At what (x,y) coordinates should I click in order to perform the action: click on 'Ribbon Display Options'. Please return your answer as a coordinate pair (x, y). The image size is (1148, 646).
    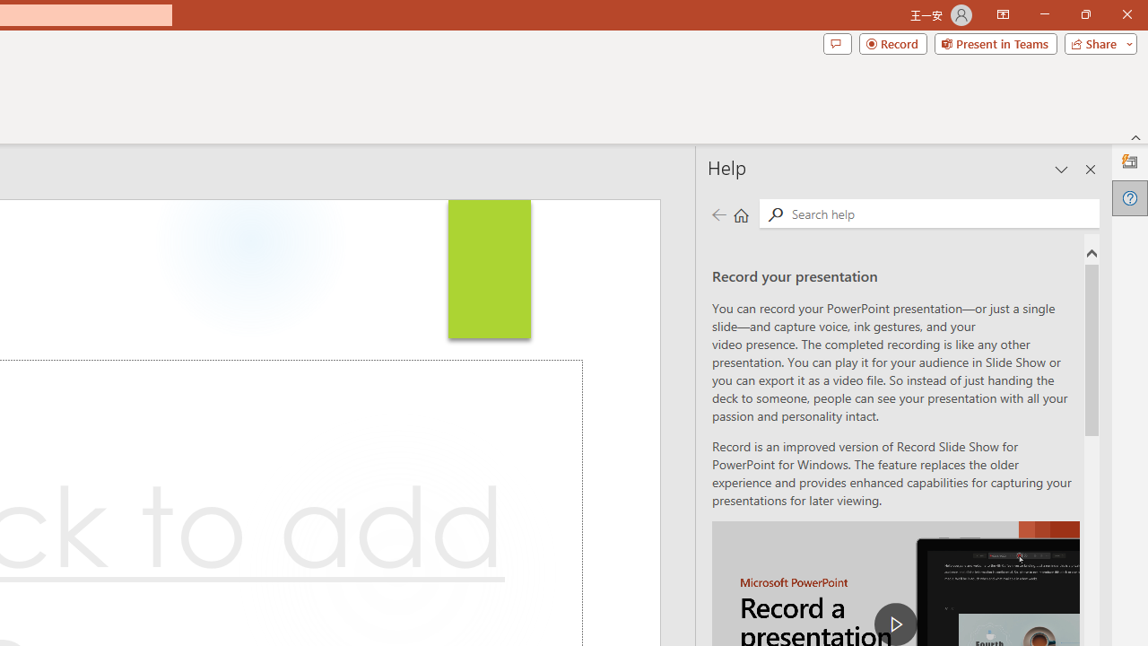
    Looking at the image, I should click on (1002, 14).